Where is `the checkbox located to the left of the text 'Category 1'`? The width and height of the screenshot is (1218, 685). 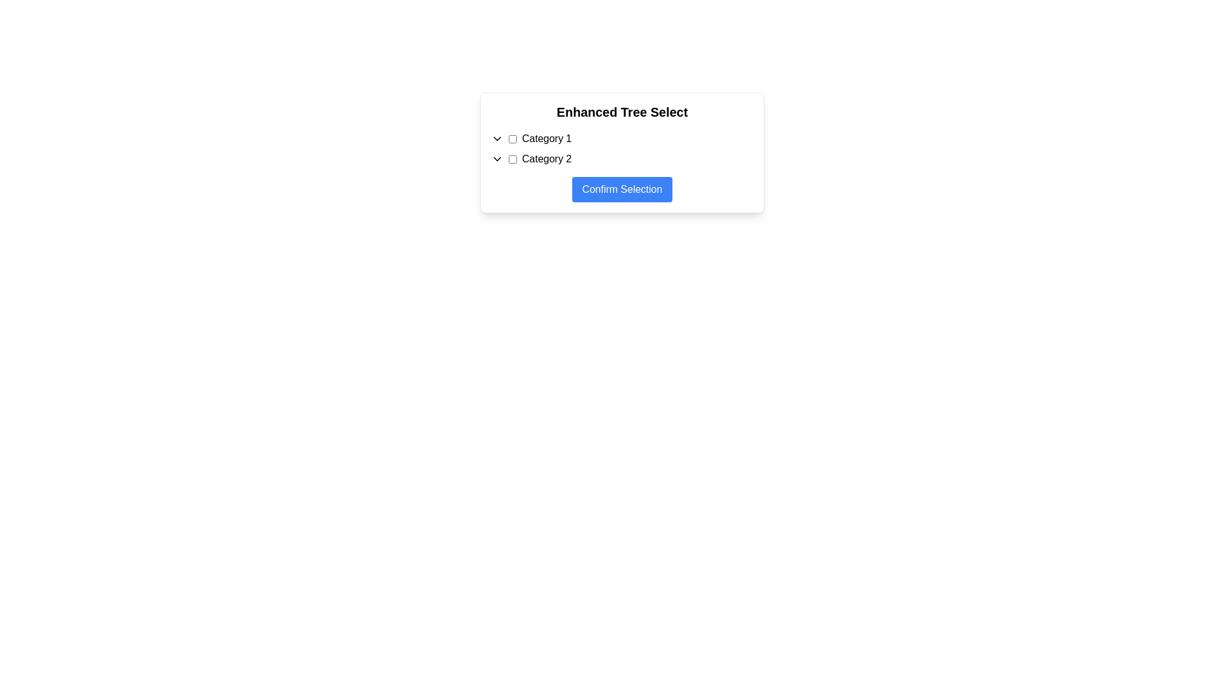
the checkbox located to the left of the text 'Category 1' is located at coordinates (513, 139).